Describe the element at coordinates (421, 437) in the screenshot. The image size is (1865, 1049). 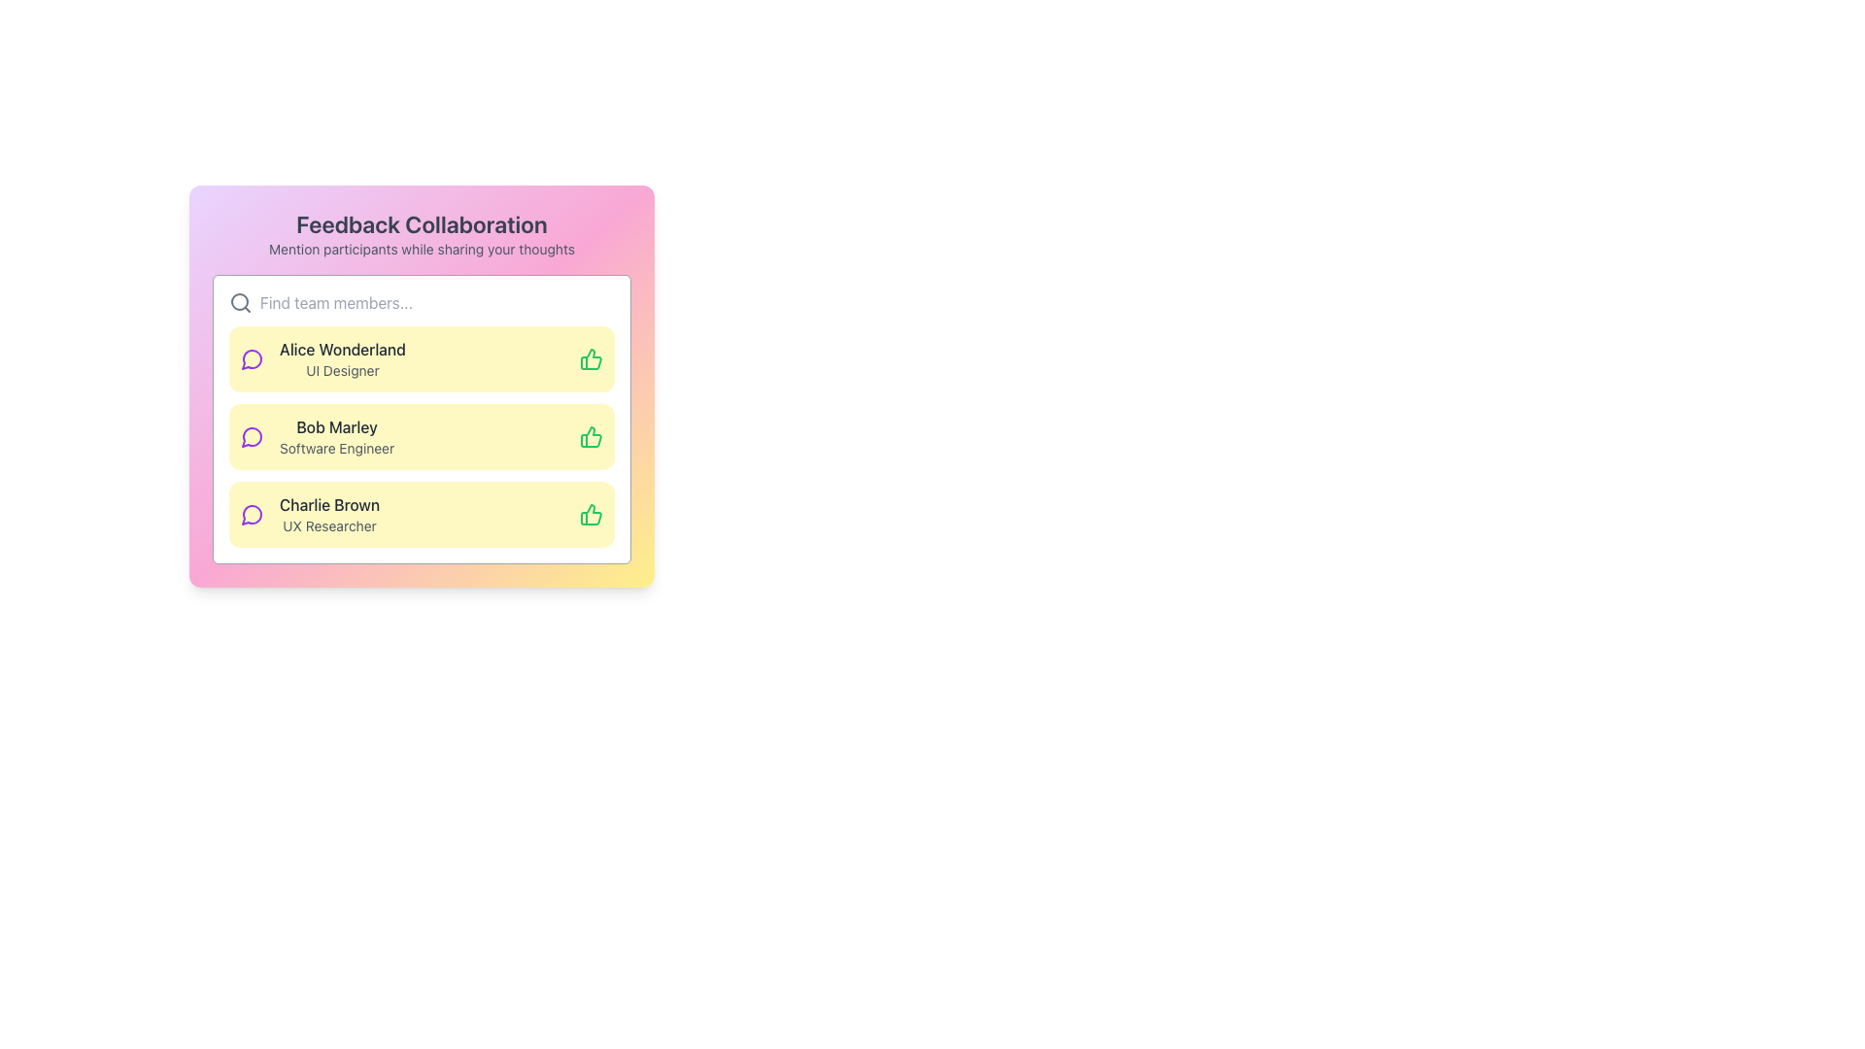
I see `the Profile card of participant 'Bob Marley', a Software Engineer, located in the vertical list under 'Feedback Collaboration'` at that location.